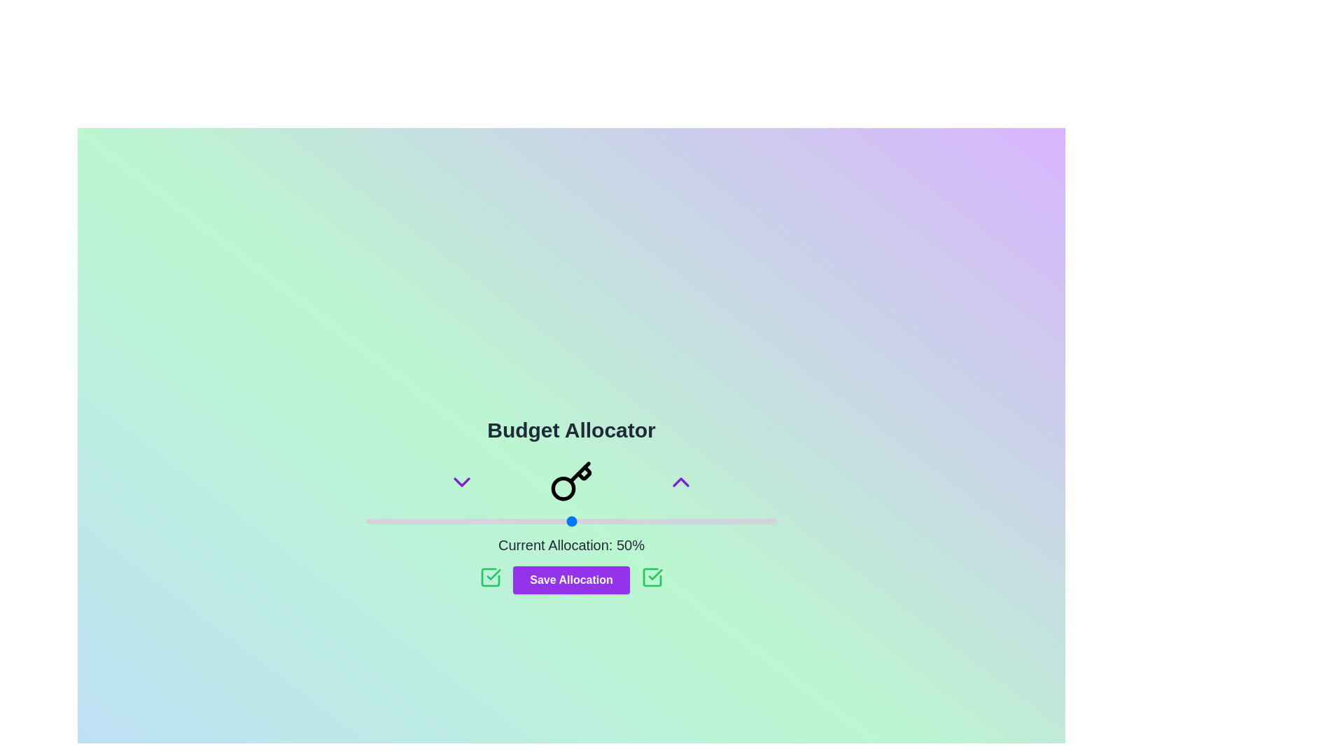  What do you see at coordinates (521, 521) in the screenshot?
I see `the slider to set the budget to 38%` at bounding box center [521, 521].